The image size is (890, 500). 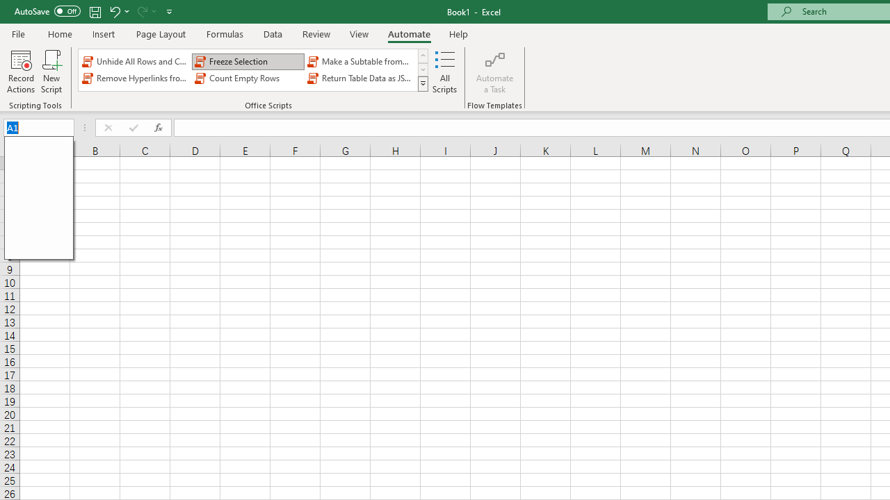 I want to click on 'Freeze Selection', so click(x=248, y=60).